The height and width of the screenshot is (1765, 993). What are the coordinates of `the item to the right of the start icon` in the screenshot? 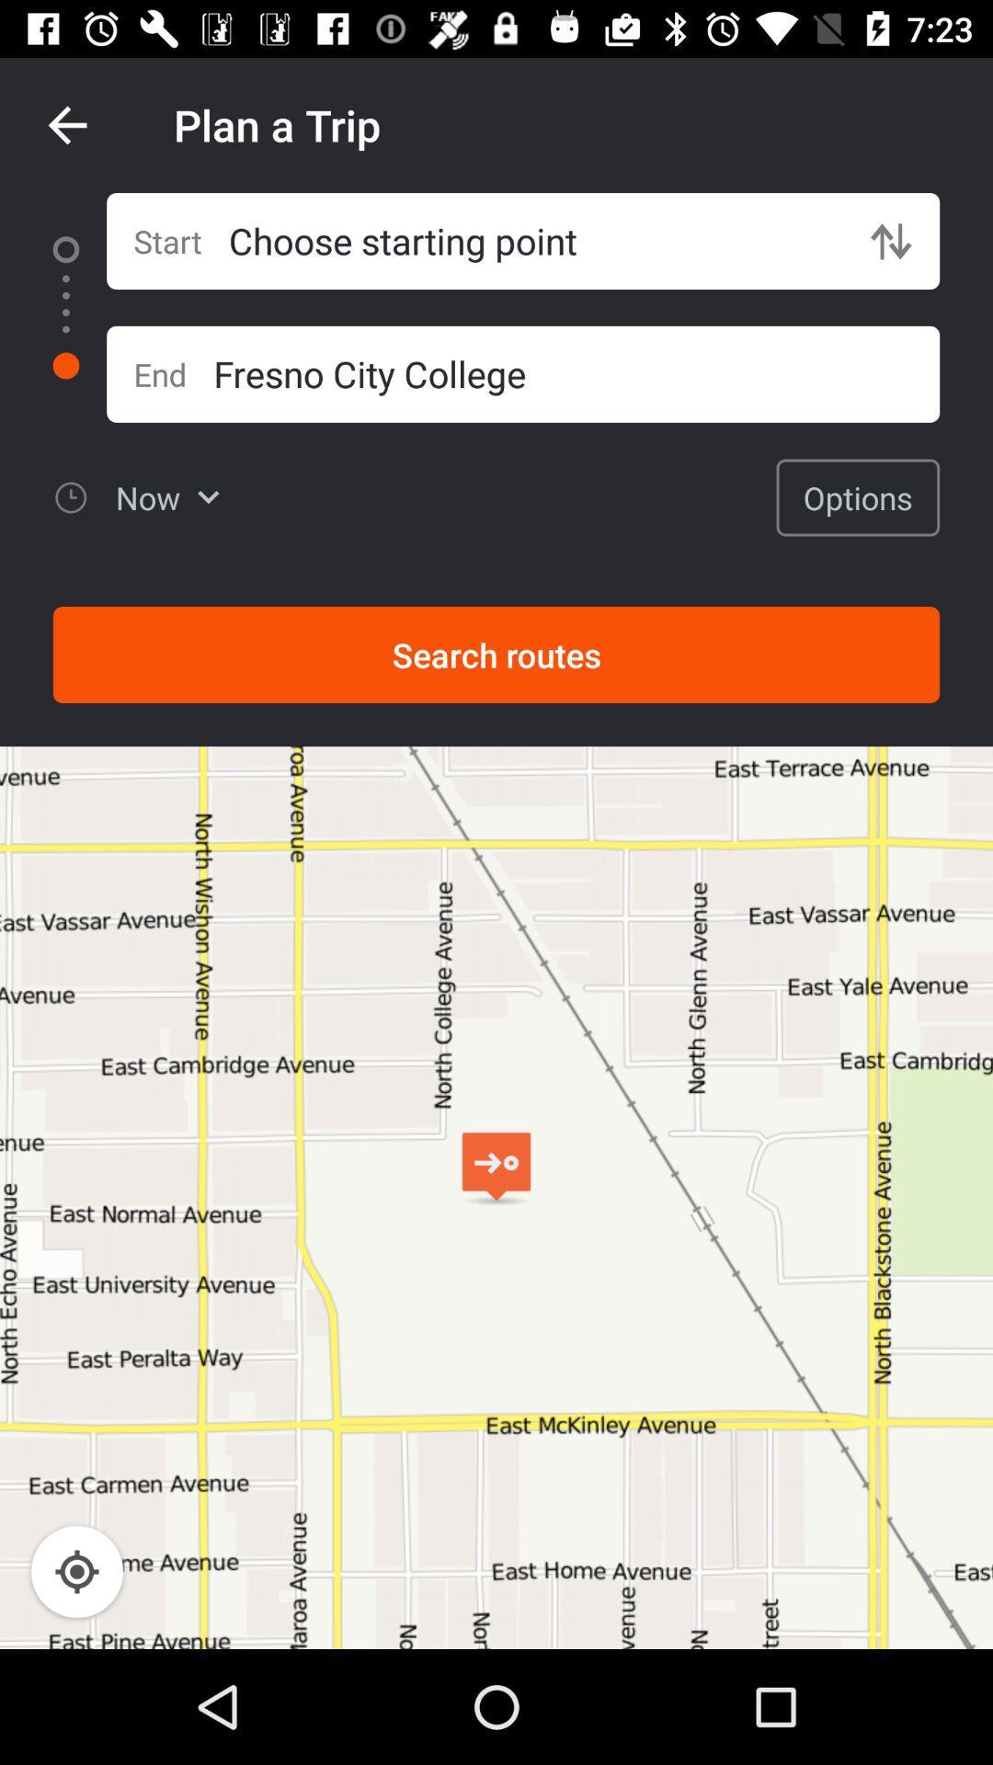 It's located at (535, 240).